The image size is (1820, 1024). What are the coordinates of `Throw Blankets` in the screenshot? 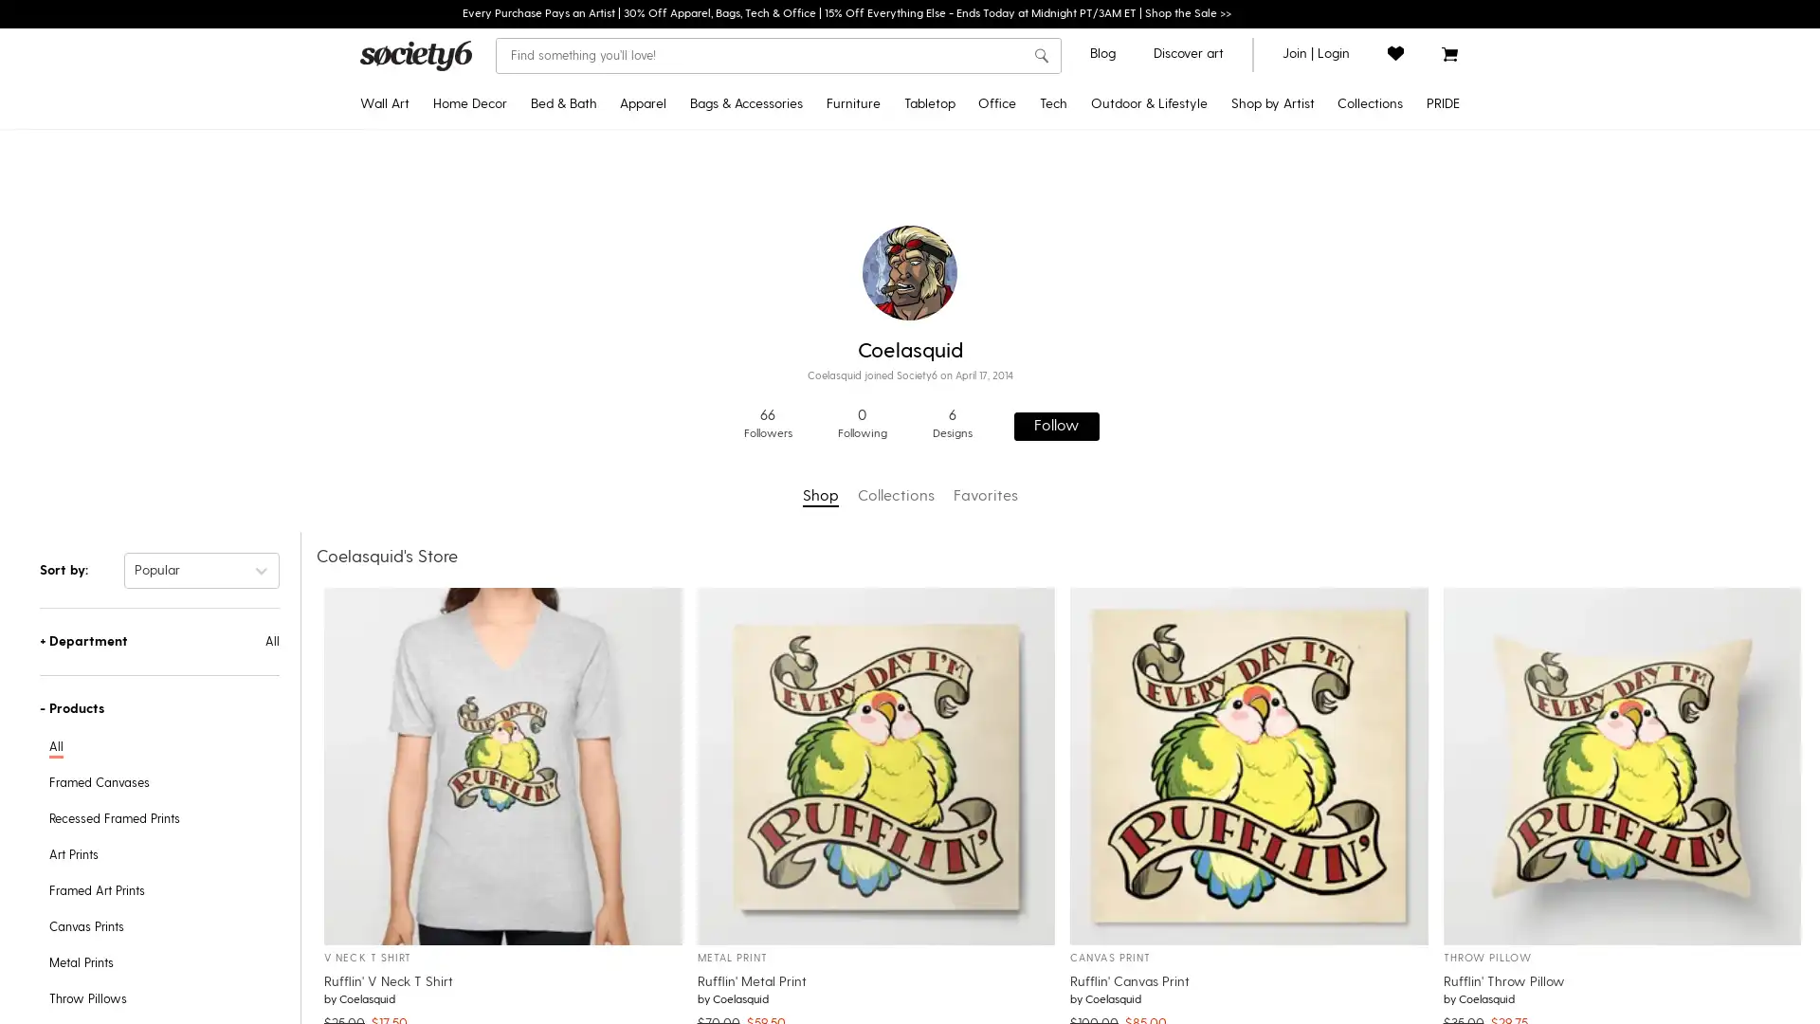 It's located at (505, 274).